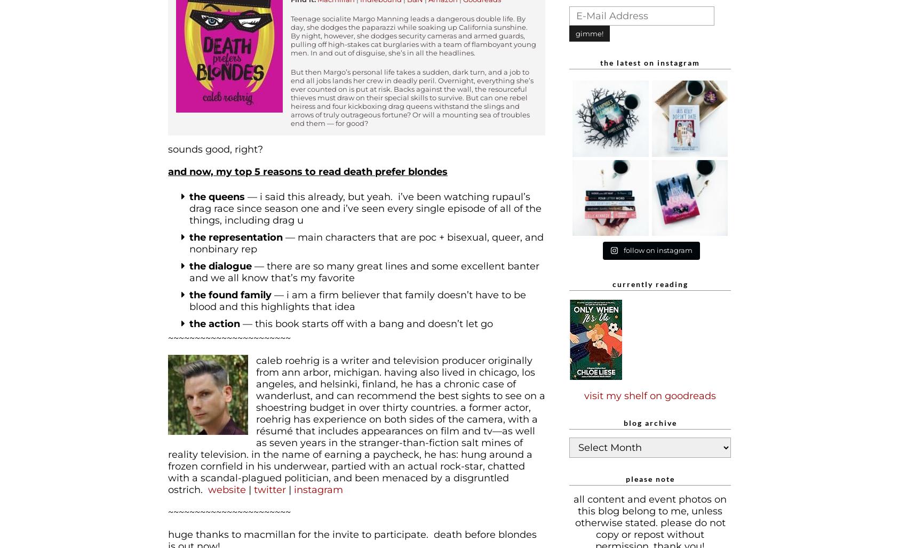  I want to click on 'visit my shelf on goodreads', so click(649, 395).